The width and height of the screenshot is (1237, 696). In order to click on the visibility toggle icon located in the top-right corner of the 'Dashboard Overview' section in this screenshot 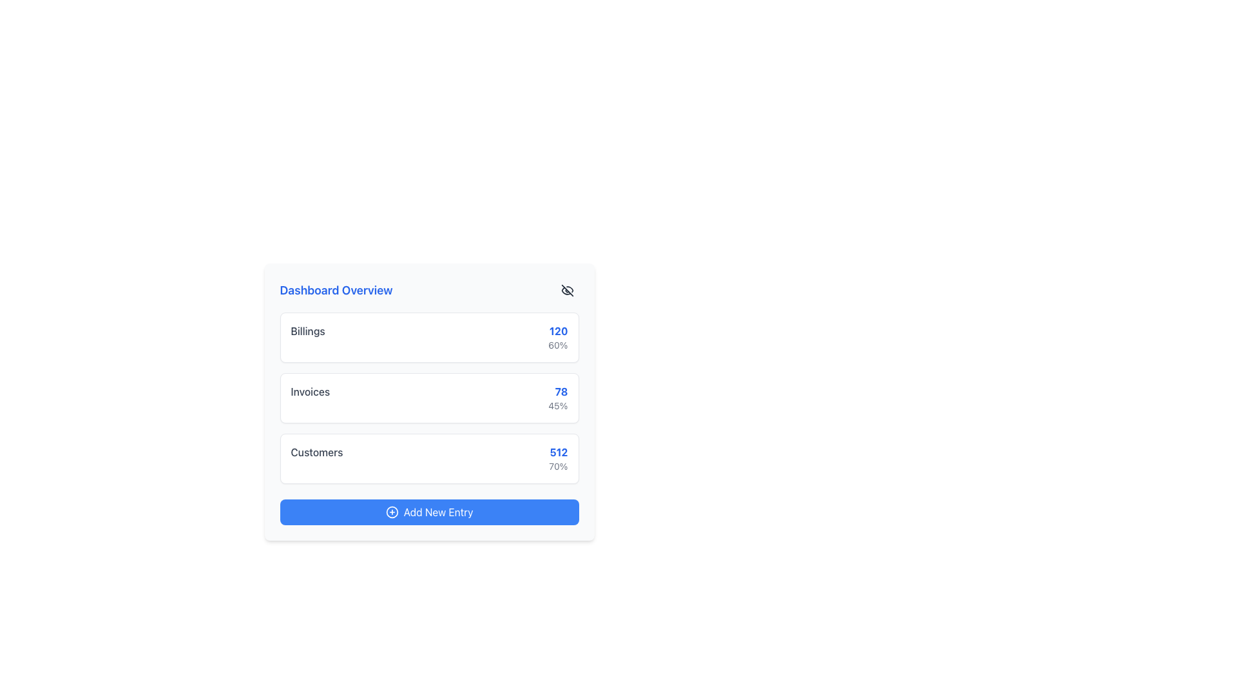, I will do `click(567, 291)`.